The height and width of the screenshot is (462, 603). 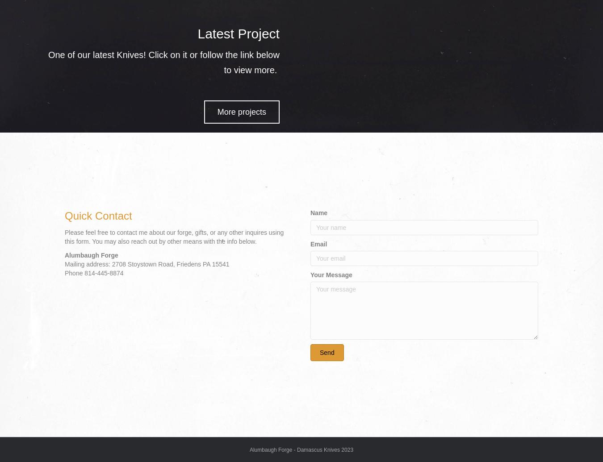 I want to click on 'One of our latest Knives! Click on it or follow the link below to view more.', so click(x=163, y=62).